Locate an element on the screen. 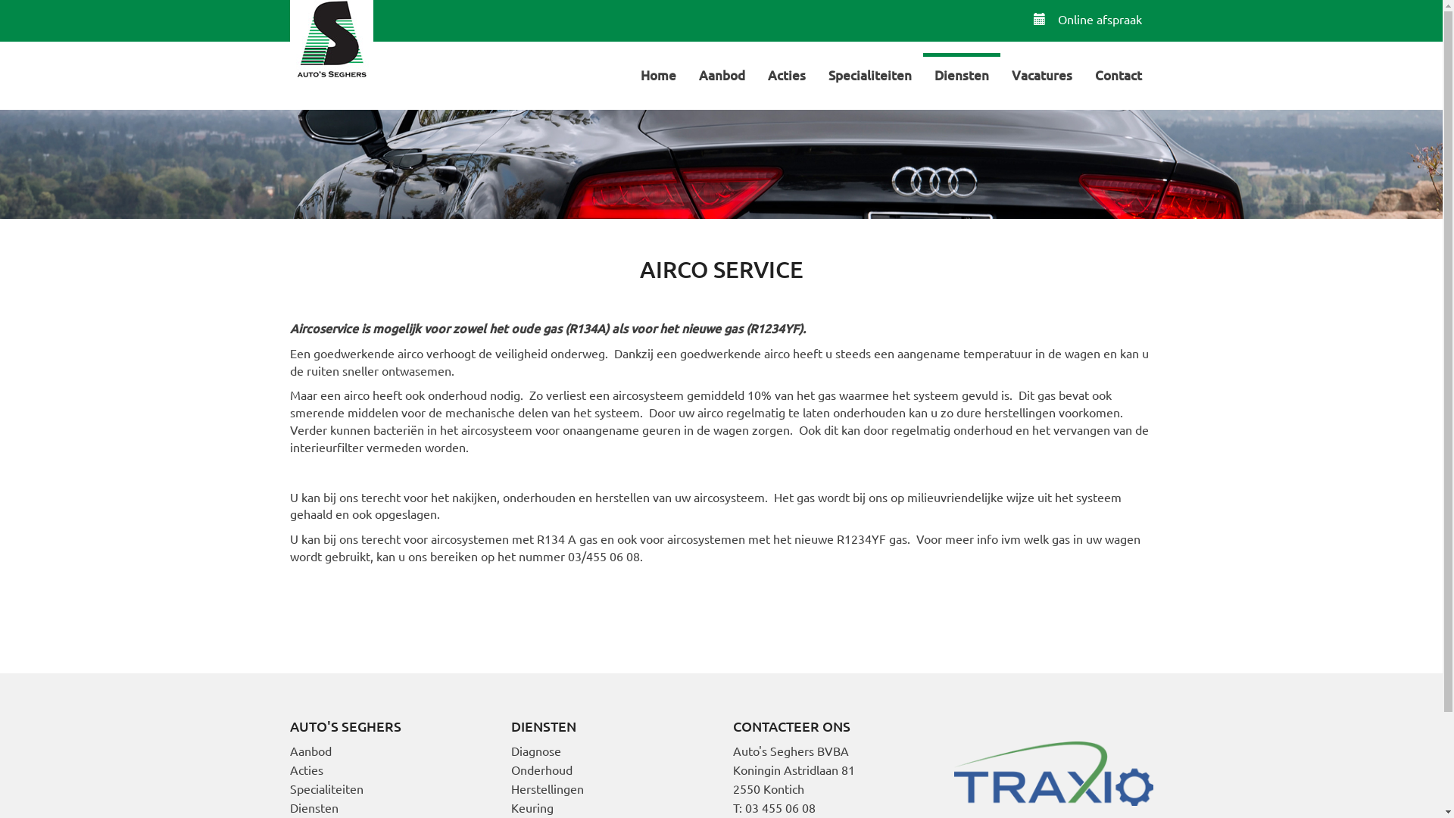  'Home' is located at coordinates (629, 73).